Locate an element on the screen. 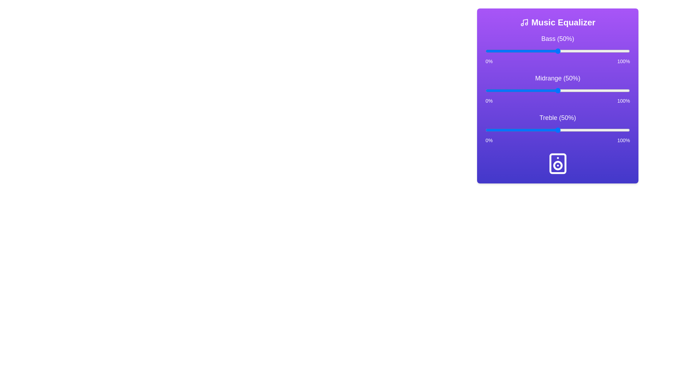  the bass slider to 41% is located at coordinates (544, 51).